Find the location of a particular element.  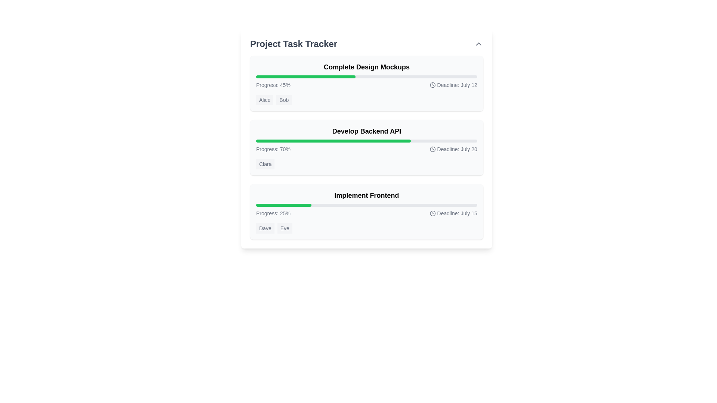

the progress bar fill indicating 70% completion for the 'Complete Design Mockups' section in the 'Project Task Tracker' interface is located at coordinates (333, 141).